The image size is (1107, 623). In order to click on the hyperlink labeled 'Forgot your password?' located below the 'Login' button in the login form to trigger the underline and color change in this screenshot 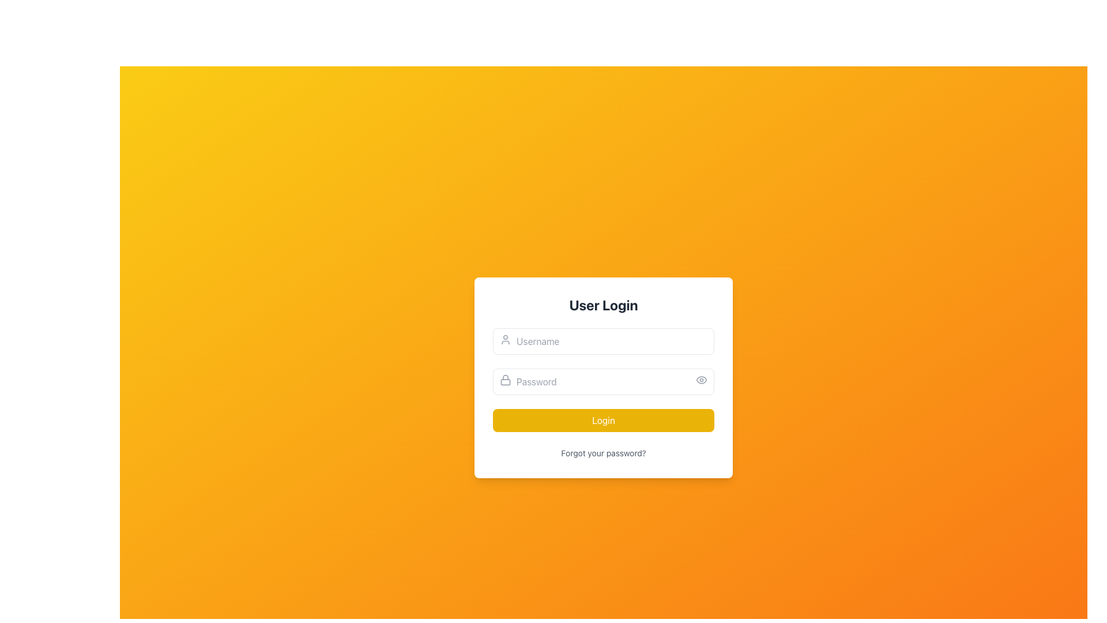, I will do `click(603, 452)`.